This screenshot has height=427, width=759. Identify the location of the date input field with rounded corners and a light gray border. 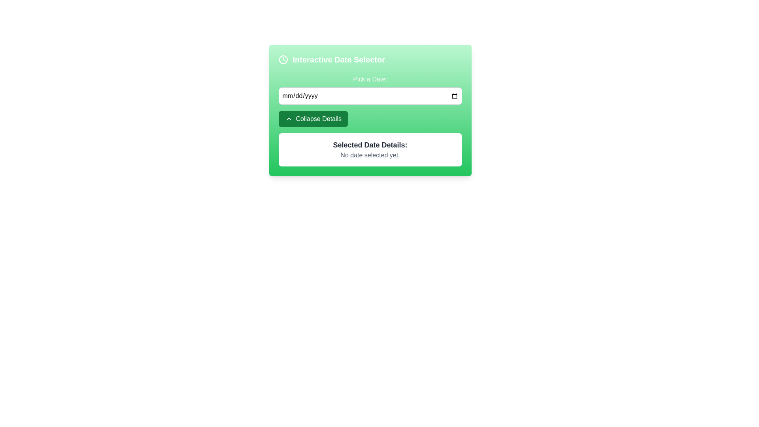
(370, 96).